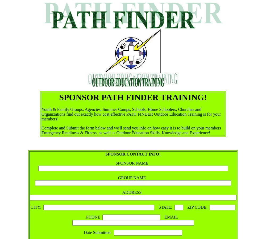 Image resolution: width=266 pixels, height=239 pixels. What do you see at coordinates (132, 177) in the screenshot?
I see `'GROUP NAME'` at bounding box center [132, 177].